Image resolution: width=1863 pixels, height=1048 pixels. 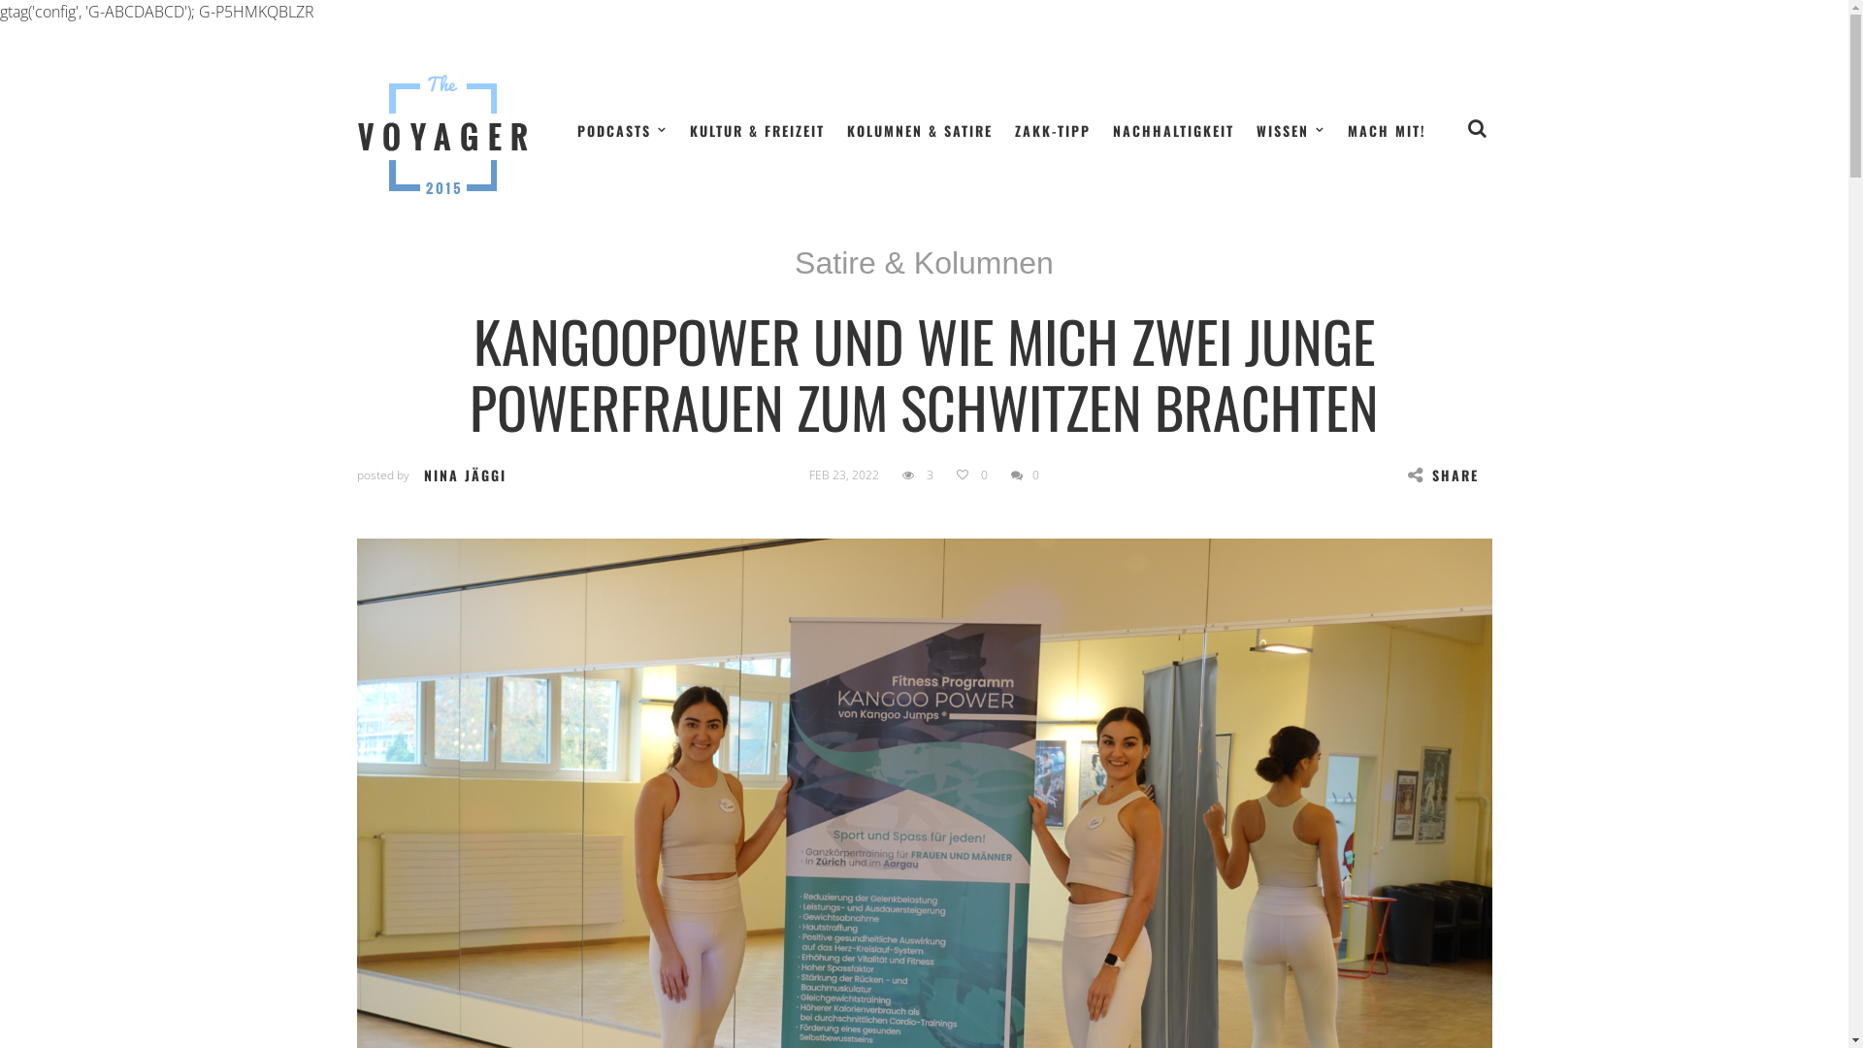 I want to click on 'NACHHALTIGKEIT', so click(x=1171, y=131).